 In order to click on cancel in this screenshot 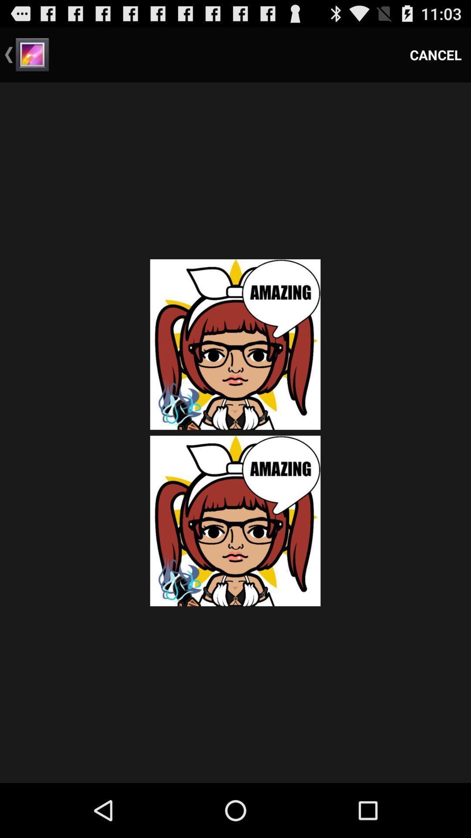, I will do `click(436, 54)`.